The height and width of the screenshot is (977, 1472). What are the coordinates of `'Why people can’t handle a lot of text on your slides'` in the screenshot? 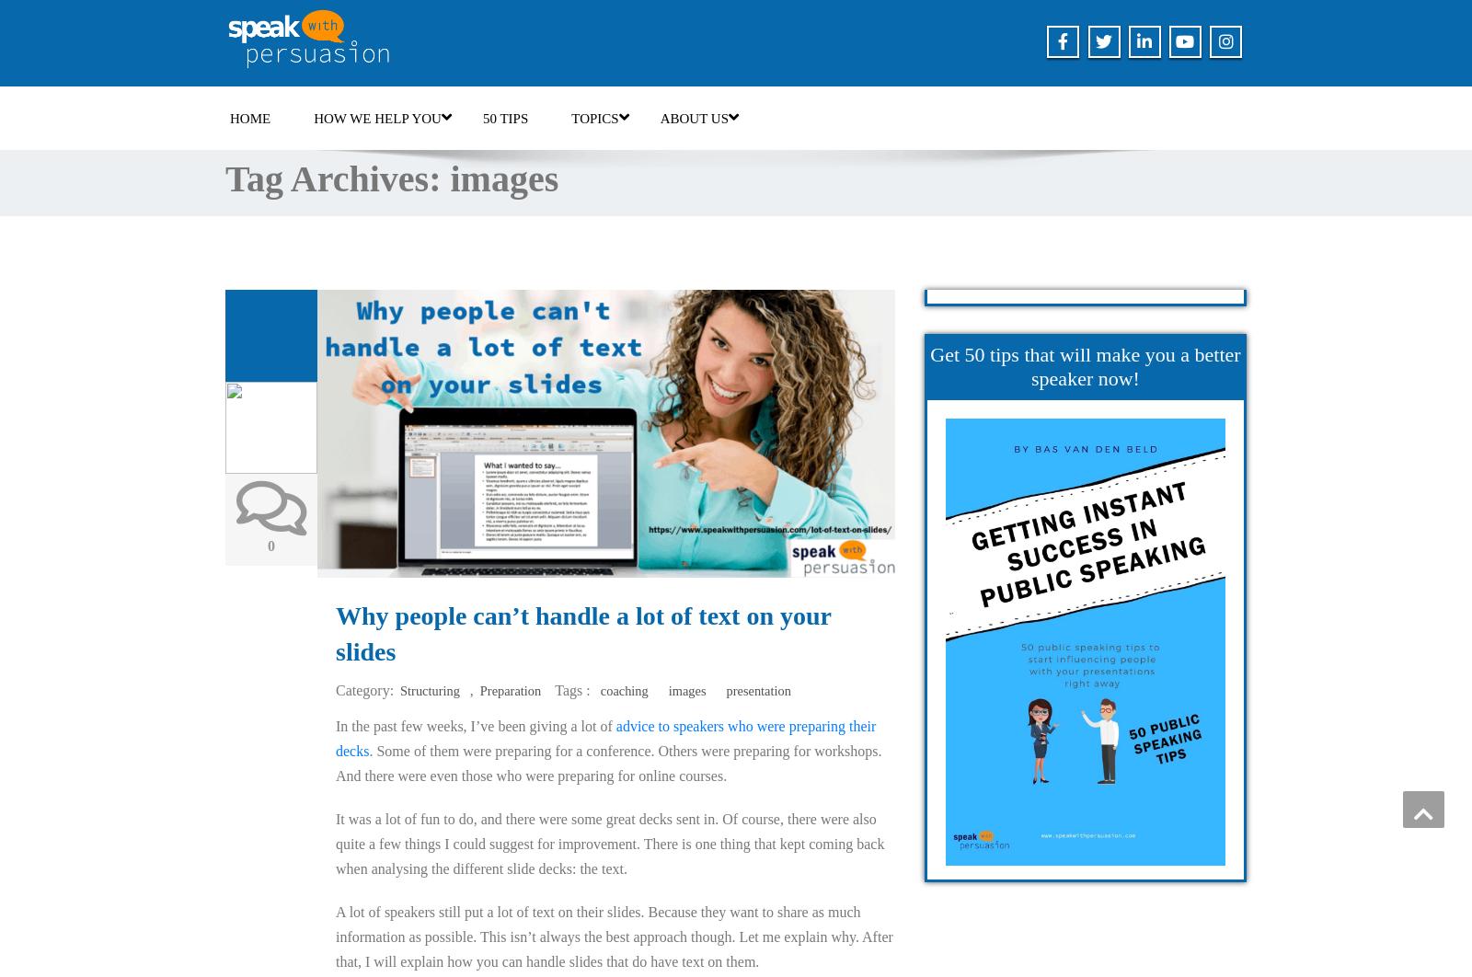 It's located at (582, 634).